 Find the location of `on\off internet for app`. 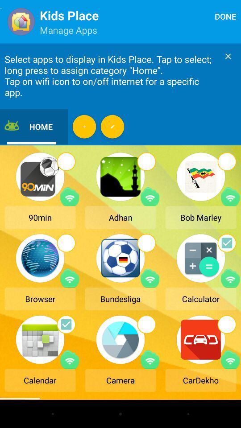

on\off internet for app is located at coordinates (150, 278).